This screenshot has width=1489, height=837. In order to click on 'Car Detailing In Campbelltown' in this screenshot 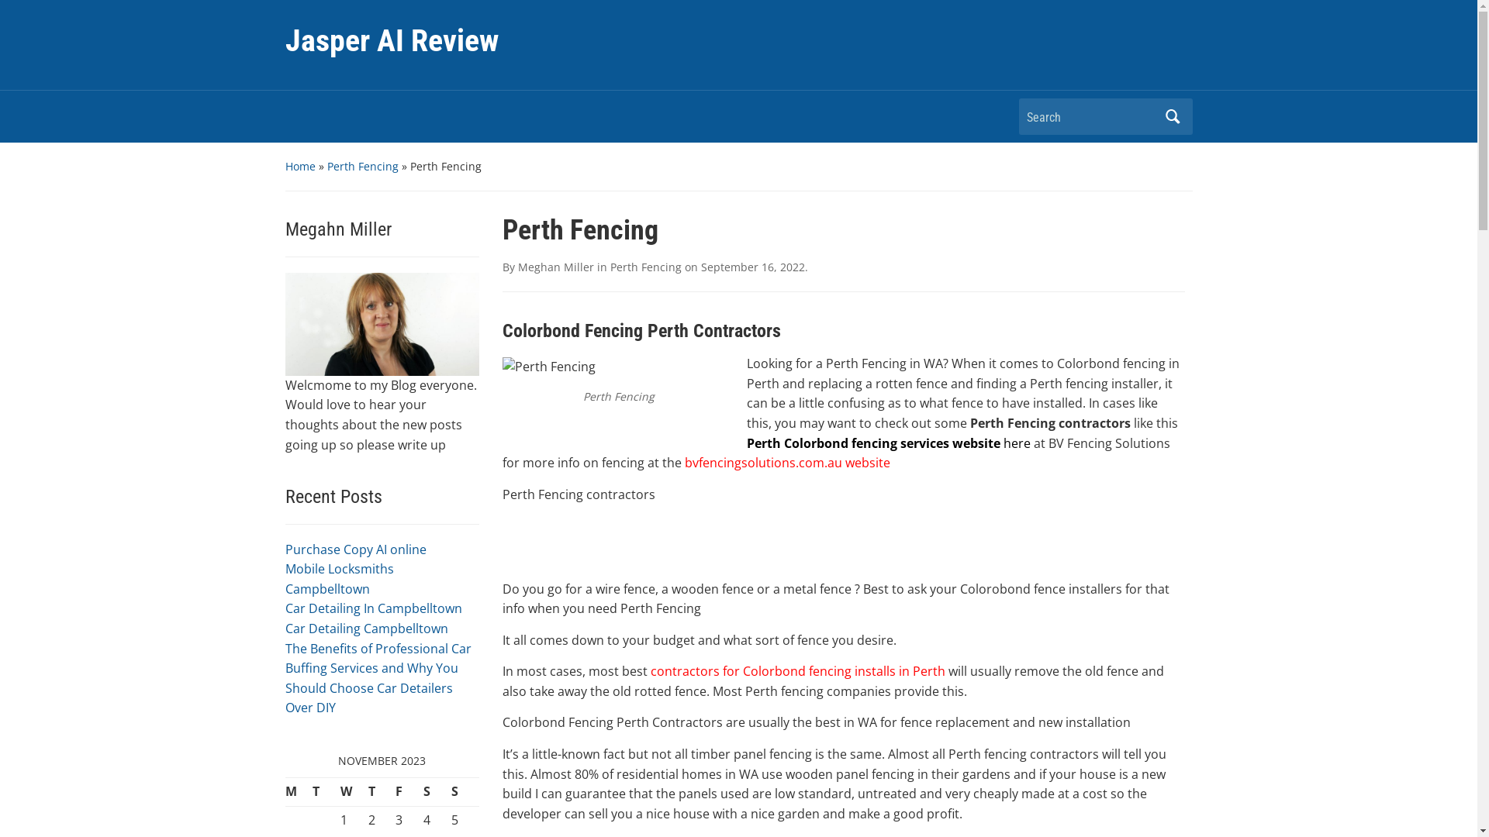, I will do `click(373, 608)`.